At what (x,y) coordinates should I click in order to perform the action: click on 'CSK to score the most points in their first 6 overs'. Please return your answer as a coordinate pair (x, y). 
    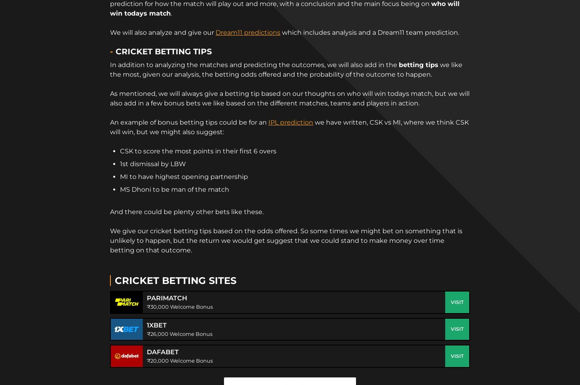
    Looking at the image, I should click on (120, 151).